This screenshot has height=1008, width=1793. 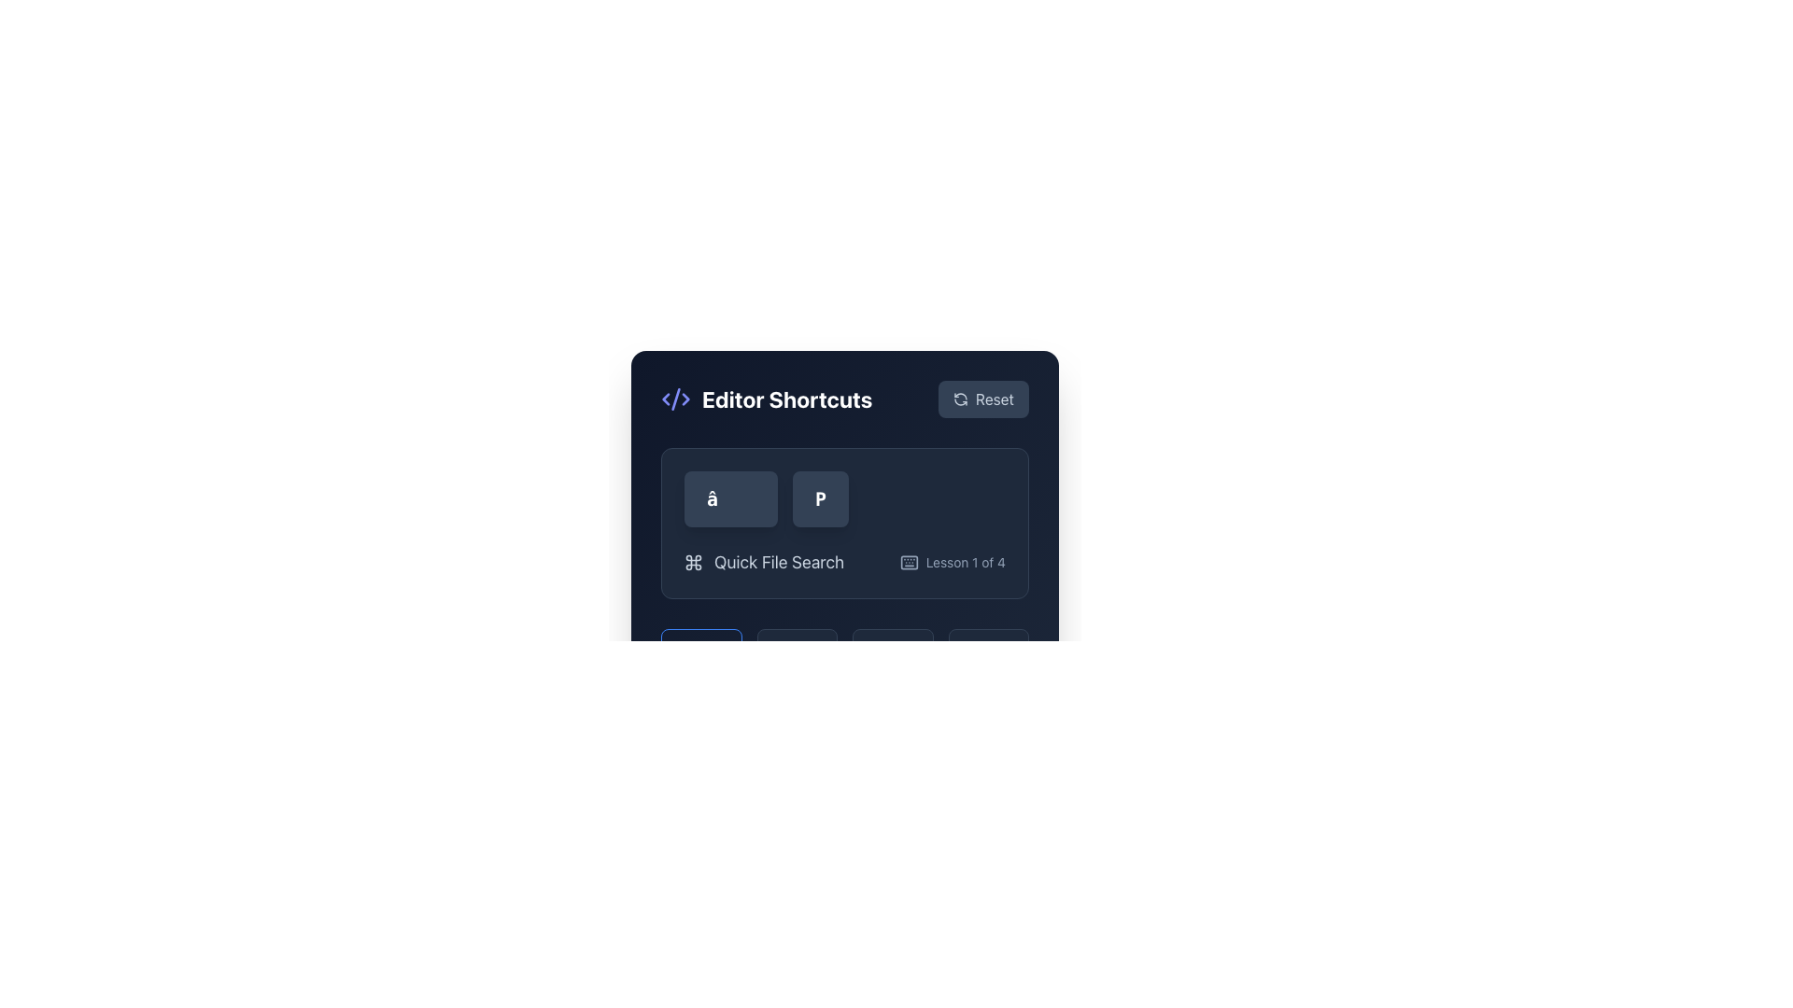 I want to click on the Header or Title Component which features a purple icon resembling code brackets and the text 'Editor Shortcuts' in bold white font, located at the top left of the panel, so click(x=767, y=399).